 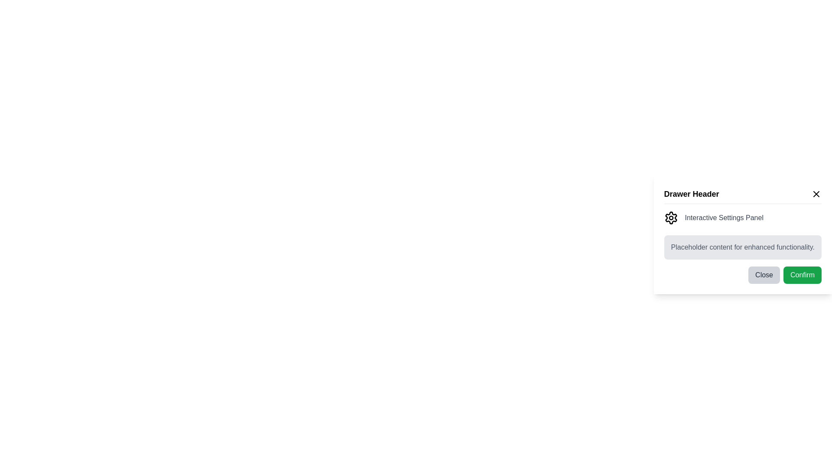 I want to click on the static text that provides supplementary information within the modal dialog, located below 'Interactive Settings Panel' and above the 'Close' and 'Confirm' buttons, so click(x=742, y=247).